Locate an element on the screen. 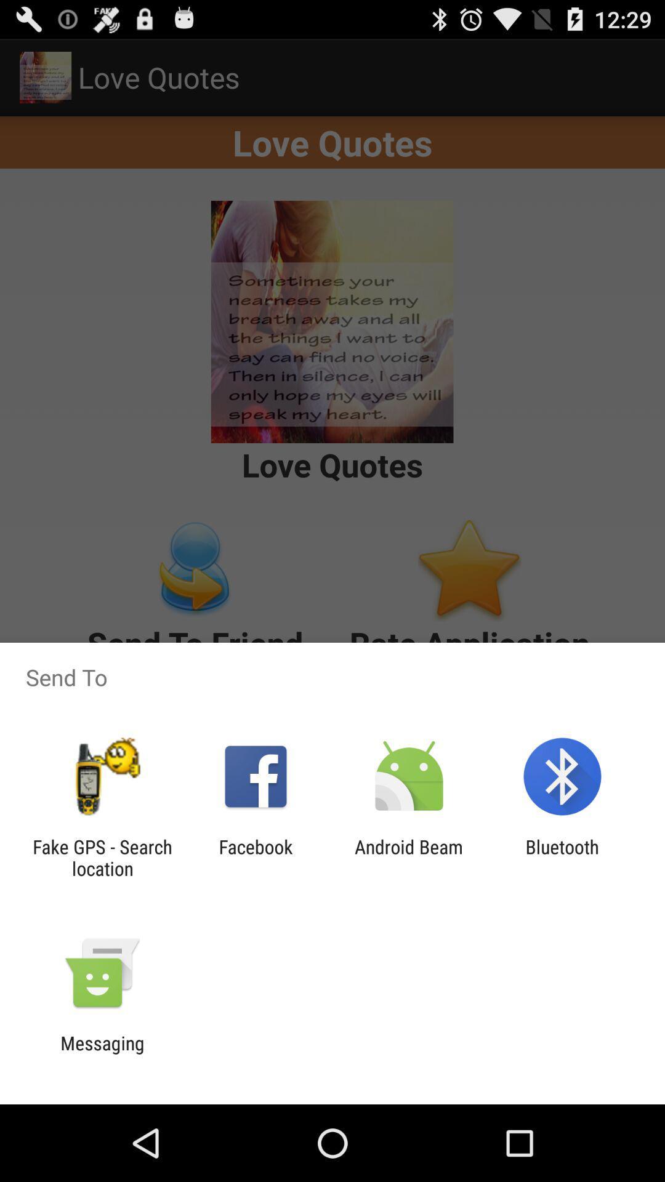 The image size is (665, 1182). icon next to the bluetooth is located at coordinates (409, 857).